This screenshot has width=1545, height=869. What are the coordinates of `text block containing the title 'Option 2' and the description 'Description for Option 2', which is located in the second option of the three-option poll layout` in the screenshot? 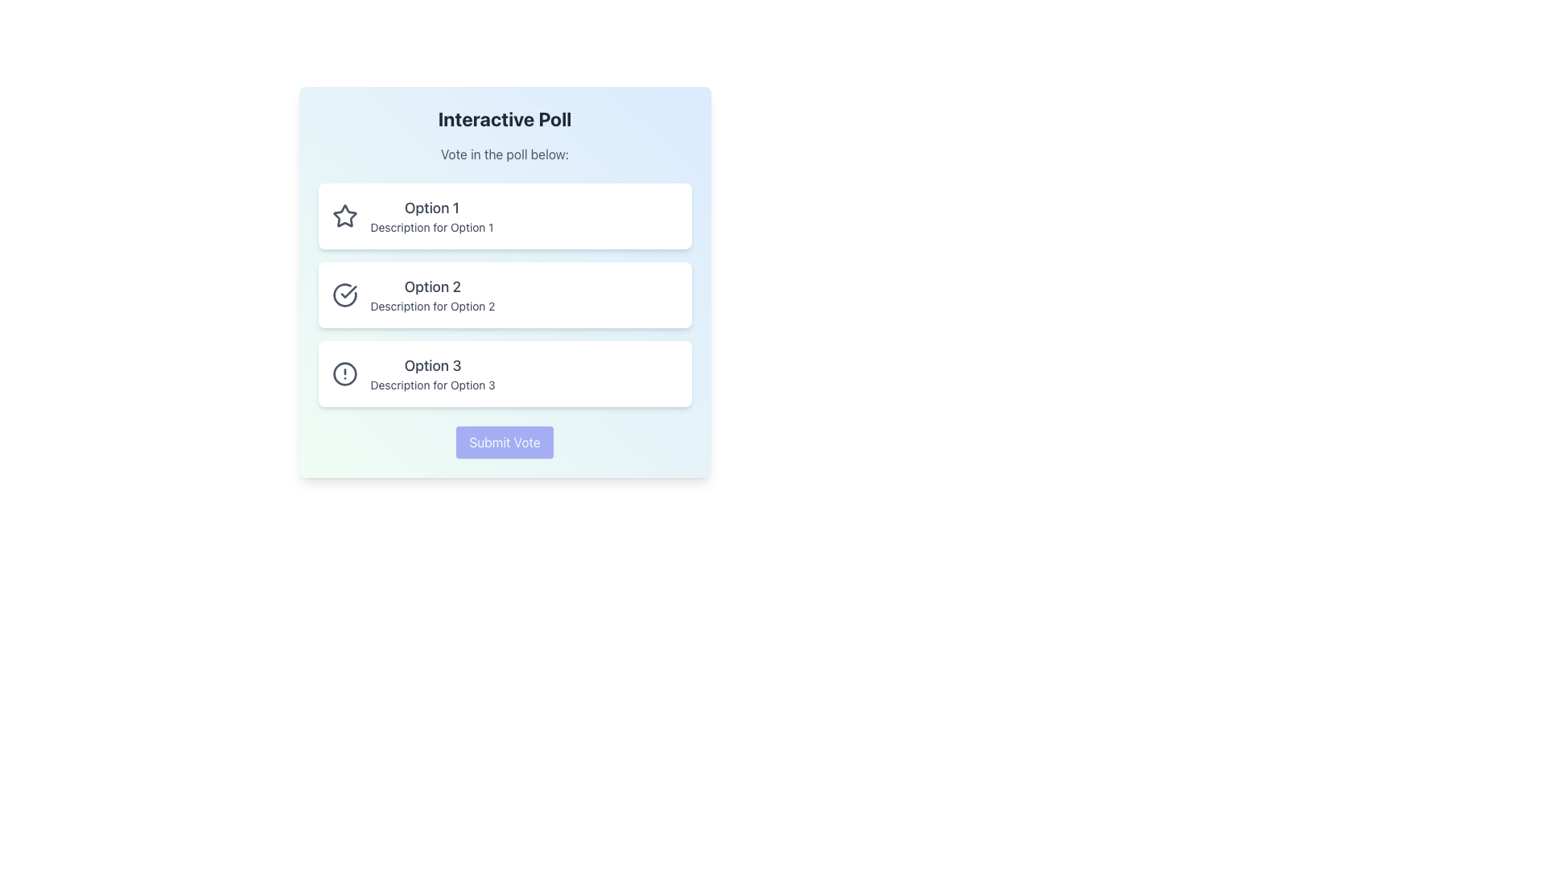 It's located at (432, 294).